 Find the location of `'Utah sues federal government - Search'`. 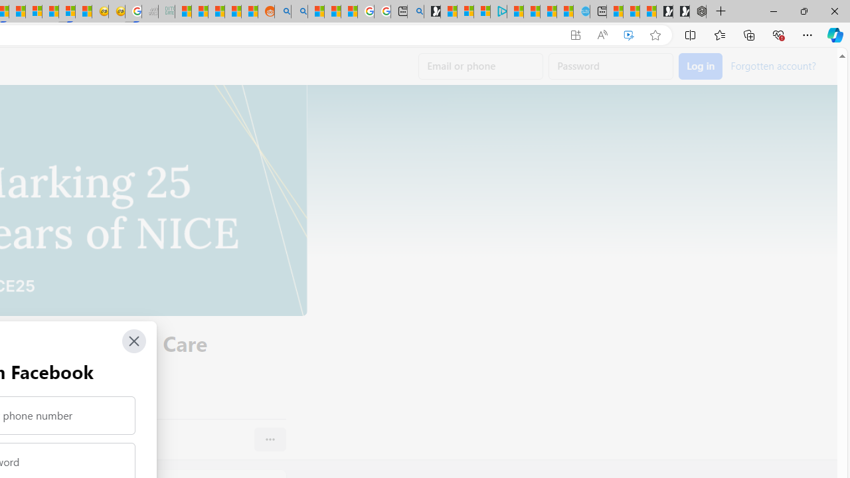

'Utah sues federal government - Search' is located at coordinates (299, 11).